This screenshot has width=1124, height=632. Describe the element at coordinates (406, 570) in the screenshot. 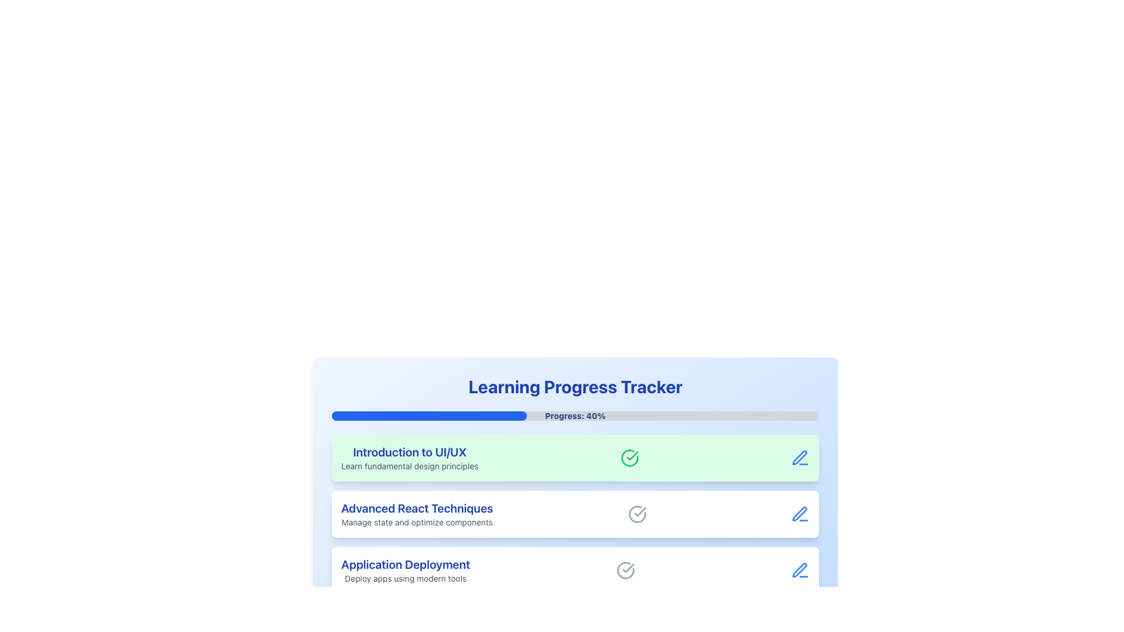

I see `the descriptive text block of the third card in the vertical list of learning progress items, which is located above a circular pen icon and next to a checkmark icon` at that location.